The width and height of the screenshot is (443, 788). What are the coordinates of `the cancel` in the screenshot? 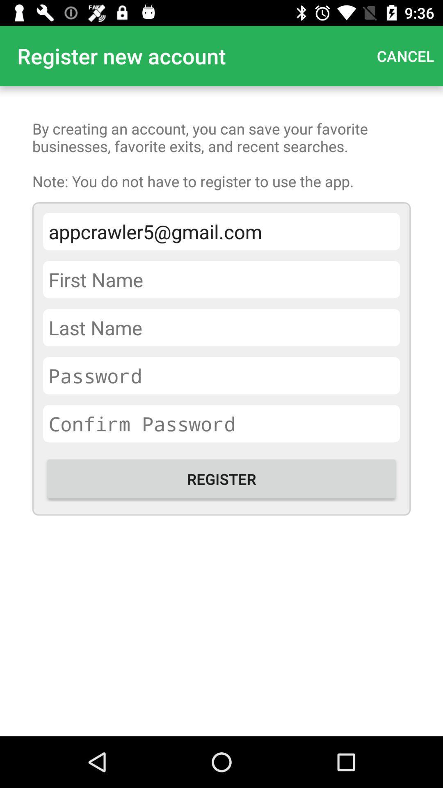 It's located at (405, 55).